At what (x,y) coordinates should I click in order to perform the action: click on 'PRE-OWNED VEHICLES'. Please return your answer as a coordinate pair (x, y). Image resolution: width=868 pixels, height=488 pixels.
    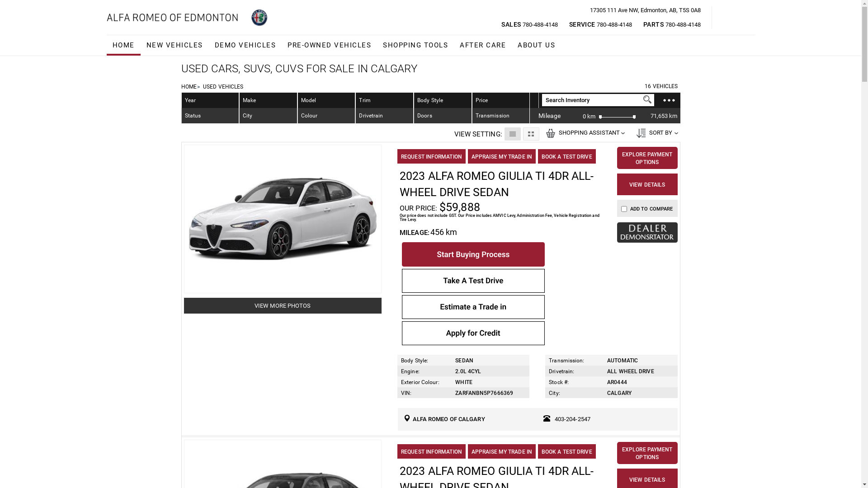
    Looking at the image, I should click on (329, 45).